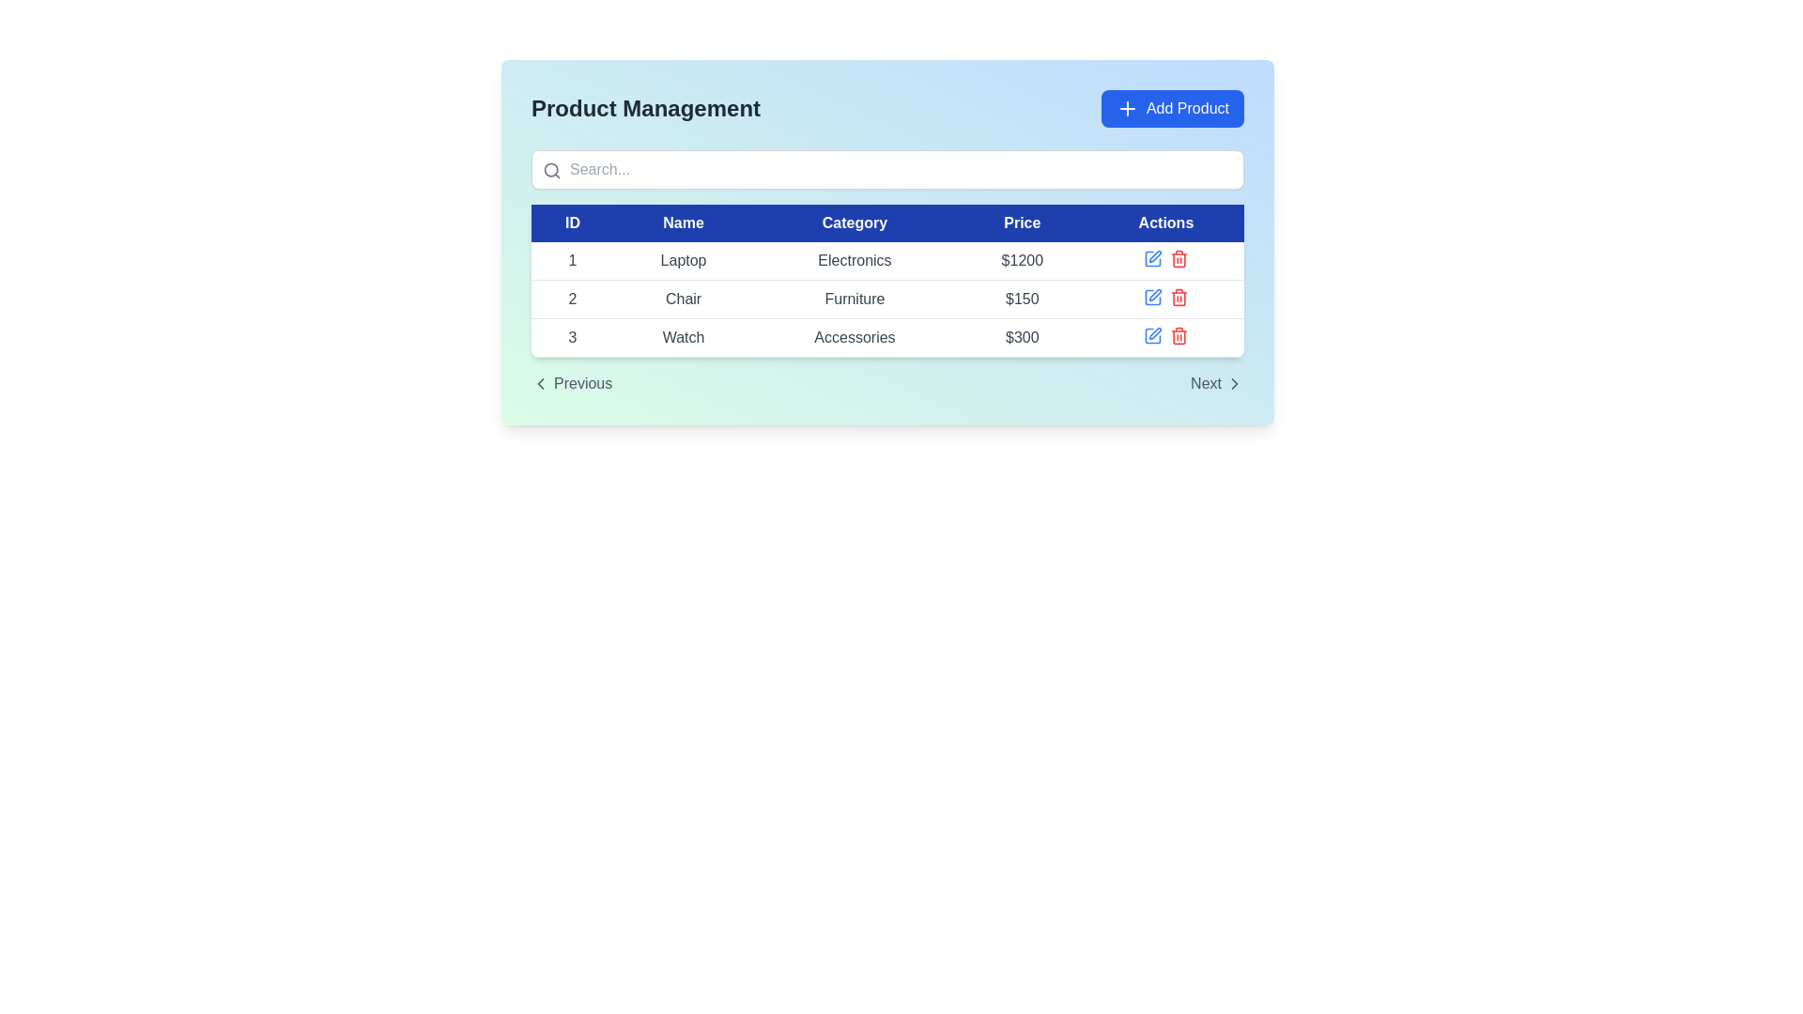  Describe the element at coordinates (1178, 259) in the screenshot. I see `the red trash bin icon button in the second column of the 'Actions' row` at that location.